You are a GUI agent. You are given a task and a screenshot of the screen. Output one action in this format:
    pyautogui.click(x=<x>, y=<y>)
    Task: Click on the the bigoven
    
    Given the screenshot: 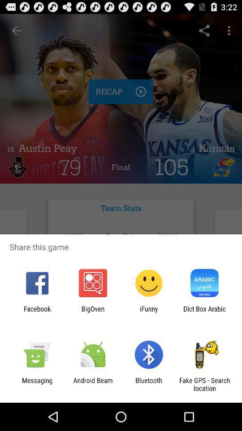 What is the action you would take?
    pyautogui.click(x=92, y=312)
    